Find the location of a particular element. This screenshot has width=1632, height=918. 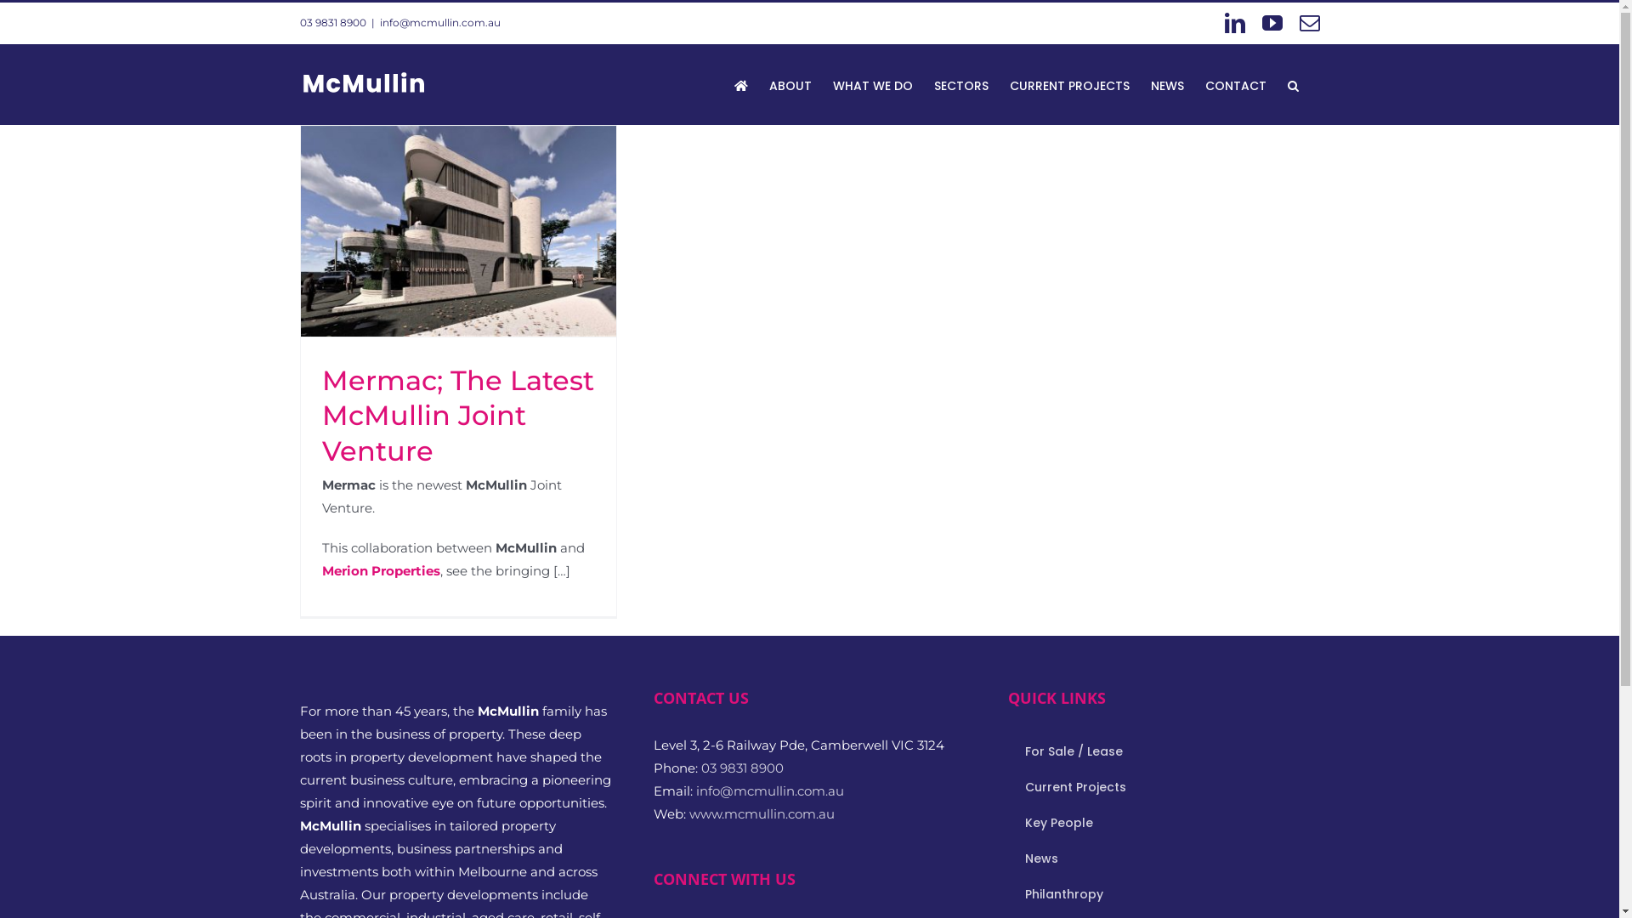

'Philanthropy' is located at coordinates (1162, 894).